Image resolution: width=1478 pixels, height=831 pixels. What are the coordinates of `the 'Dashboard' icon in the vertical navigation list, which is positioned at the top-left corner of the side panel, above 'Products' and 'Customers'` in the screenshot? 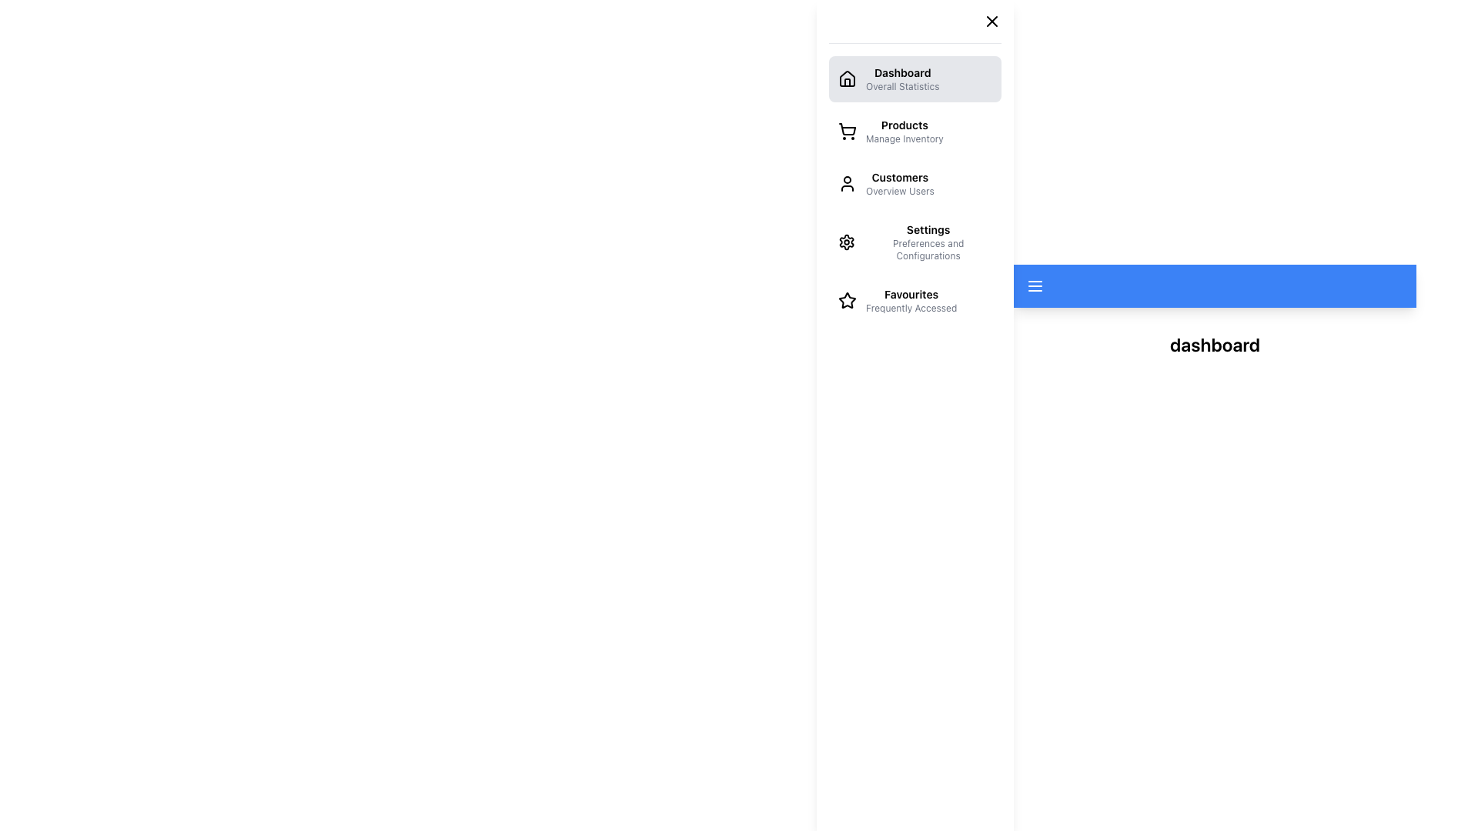 It's located at (846, 79).